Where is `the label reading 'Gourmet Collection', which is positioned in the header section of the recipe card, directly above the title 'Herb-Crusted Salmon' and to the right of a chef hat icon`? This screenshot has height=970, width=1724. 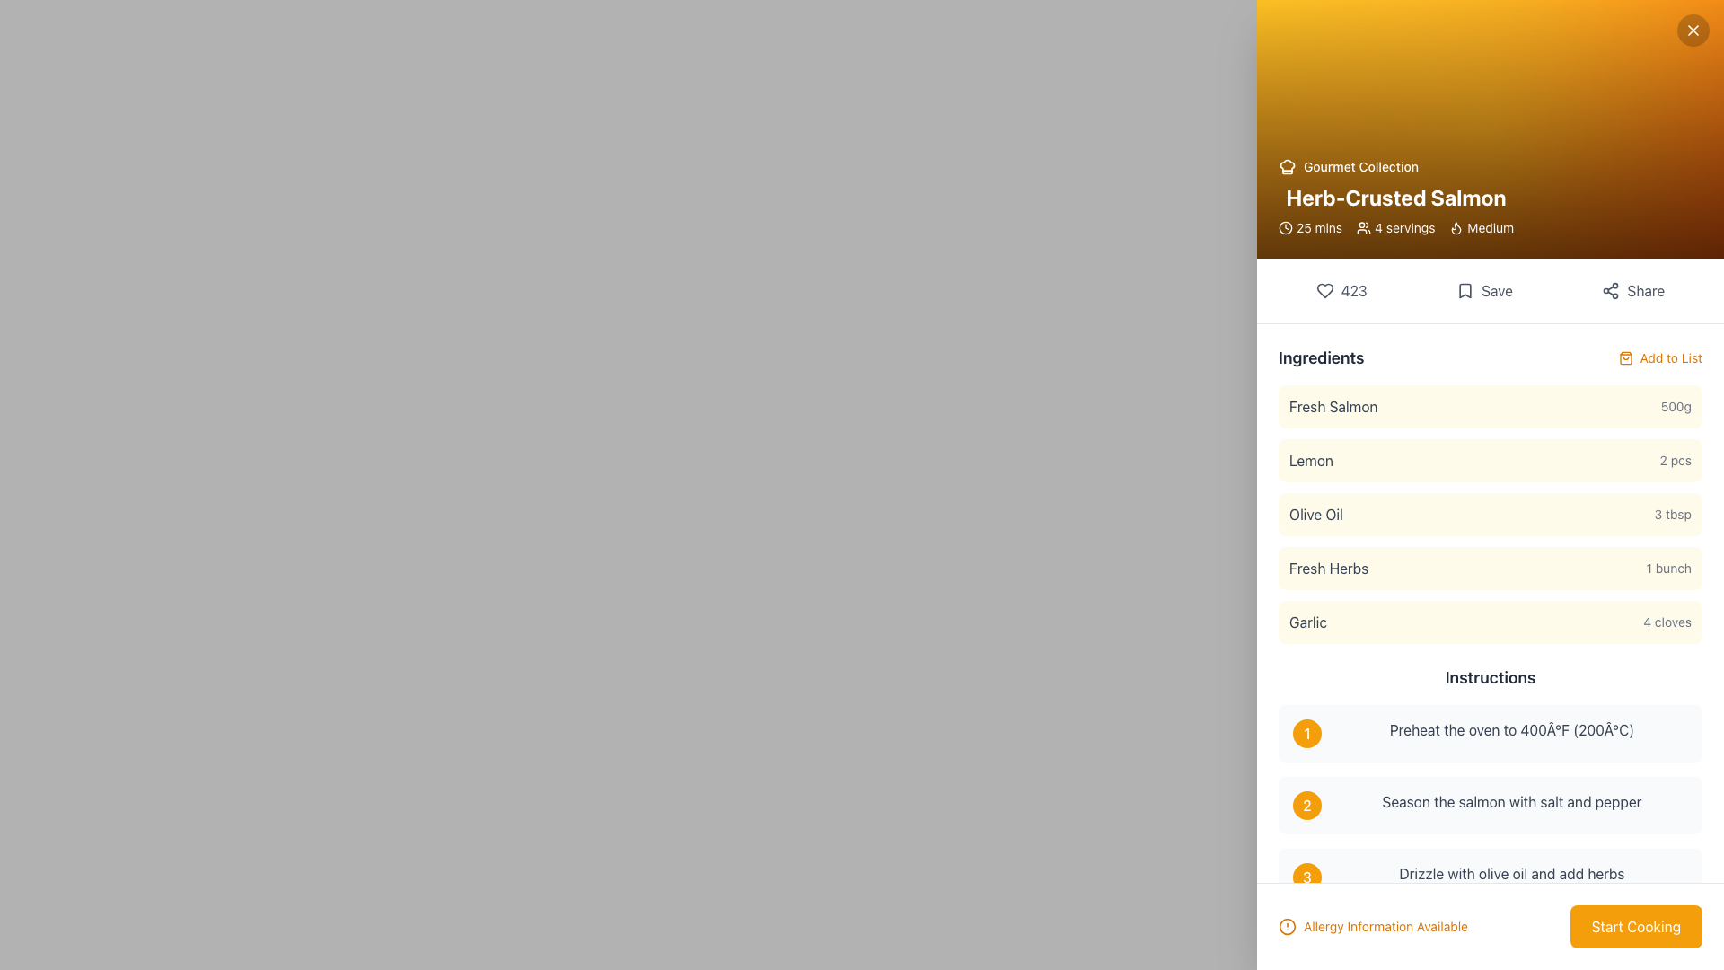 the label reading 'Gourmet Collection', which is positioned in the header section of the recipe card, directly above the title 'Herb-Crusted Salmon' and to the right of a chef hat icon is located at coordinates (1395, 166).